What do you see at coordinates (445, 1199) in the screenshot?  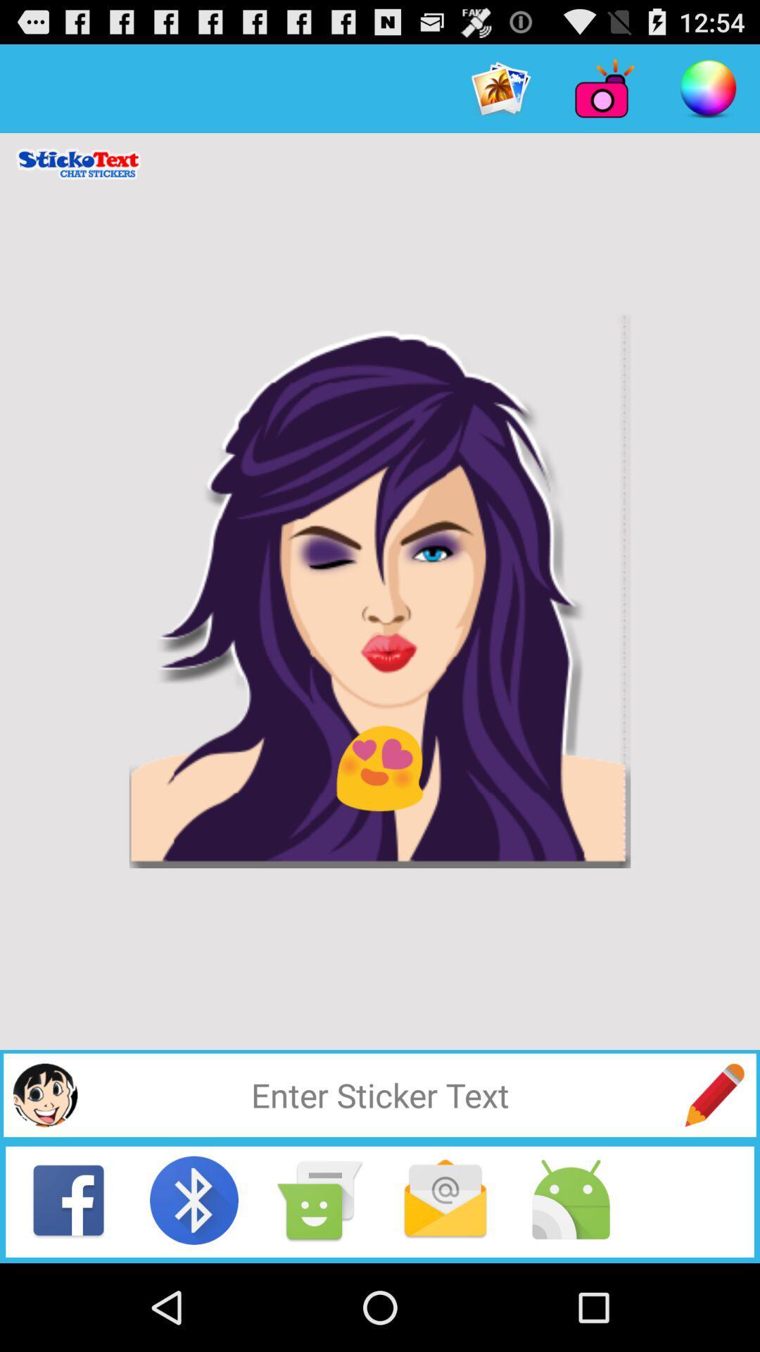 I see `e-mail app` at bounding box center [445, 1199].